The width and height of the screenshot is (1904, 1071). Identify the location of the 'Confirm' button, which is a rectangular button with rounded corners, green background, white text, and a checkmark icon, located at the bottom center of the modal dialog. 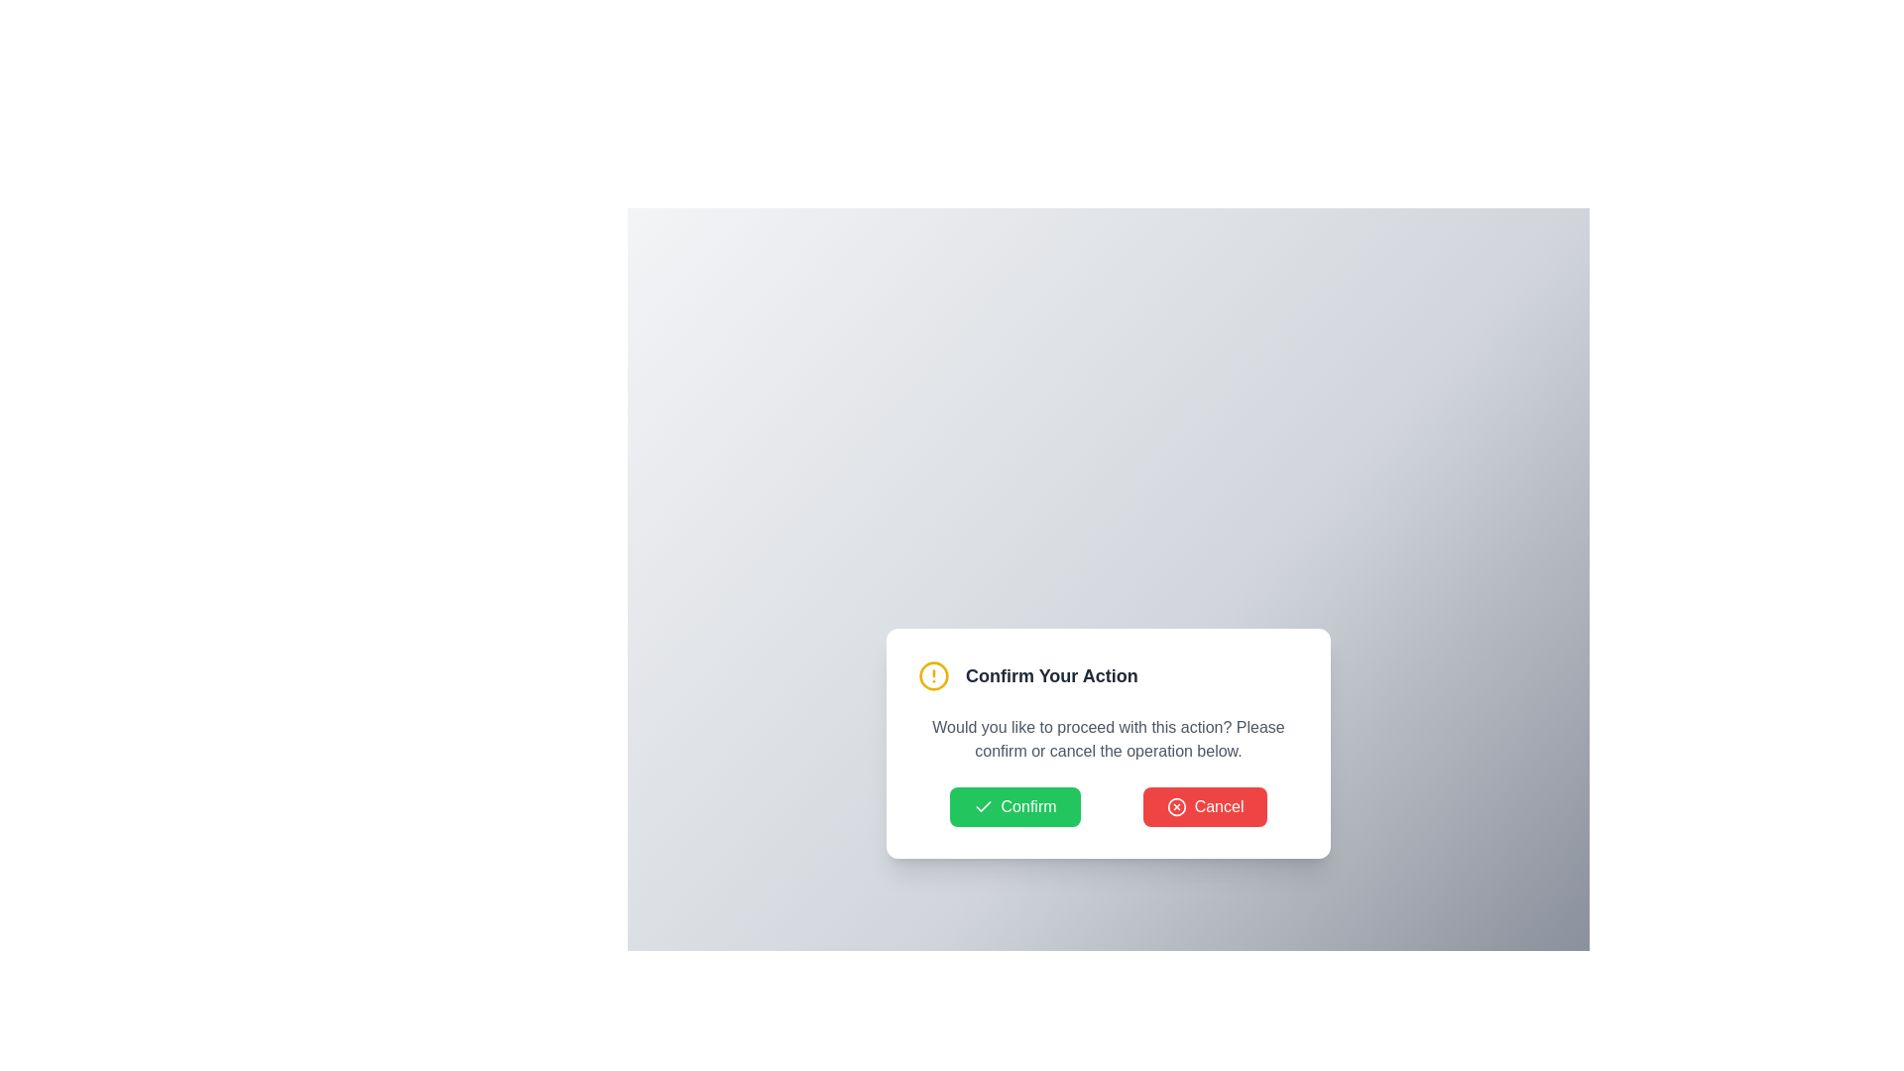
(1014, 806).